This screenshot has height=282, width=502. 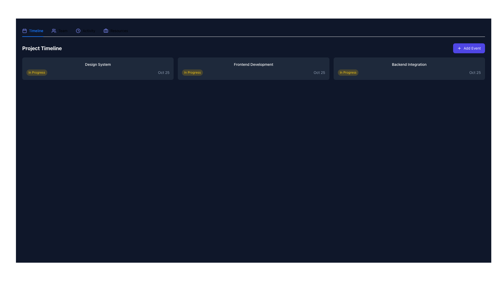 I want to click on the small, rounded status badge displaying 'In Progress' in yellow on a muted yellow background, located on the left side of the 'Design System' card, so click(x=36, y=72).